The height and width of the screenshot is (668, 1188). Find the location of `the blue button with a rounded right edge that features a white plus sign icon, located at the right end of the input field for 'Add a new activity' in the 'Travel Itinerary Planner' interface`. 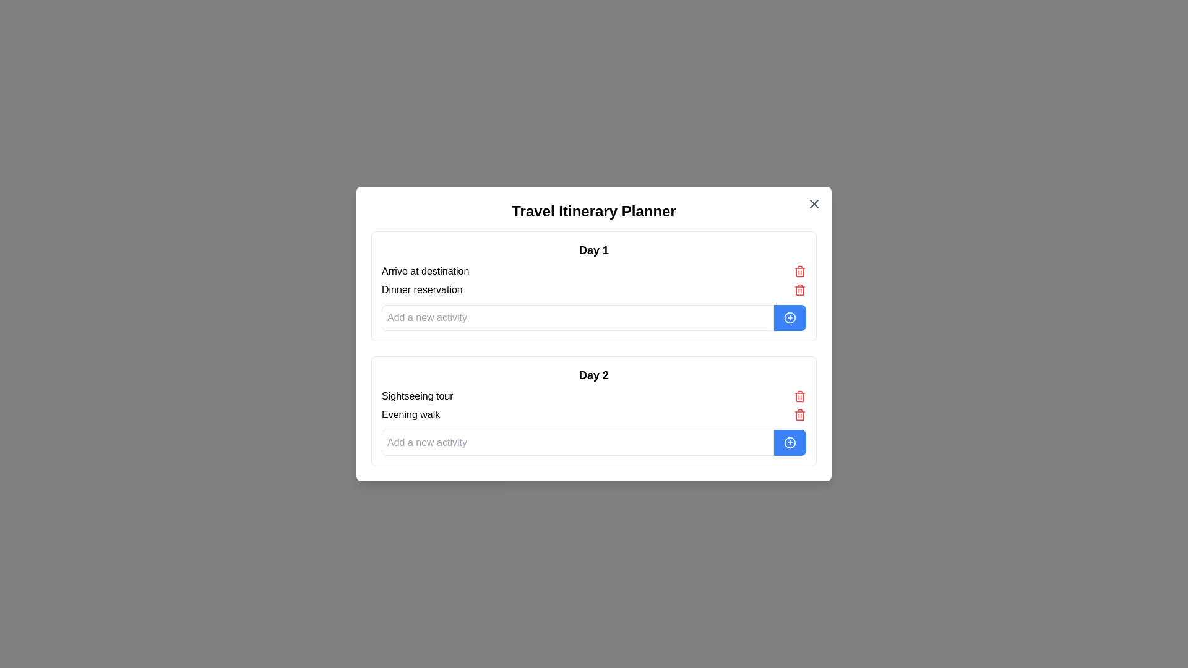

the blue button with a rounded right edge that features a white plus sign icon, located at the right end of the input field for 'Add a new activity' in the 'Travel Itinerary Planner' interface is located at coordinates (789, 442).